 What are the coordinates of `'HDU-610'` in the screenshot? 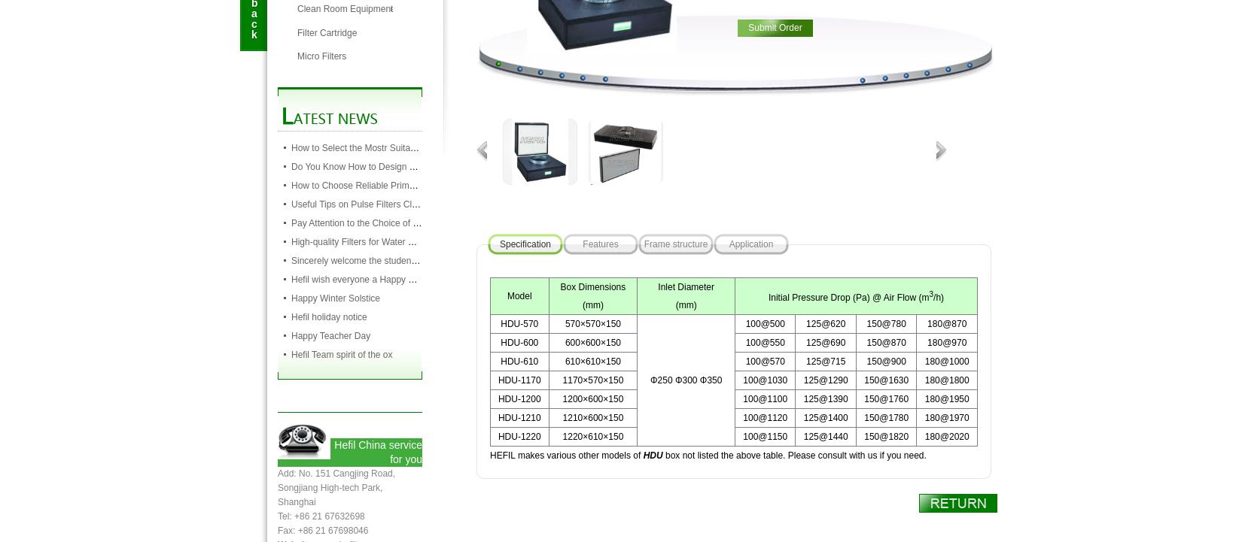 It's located at (519, 360).